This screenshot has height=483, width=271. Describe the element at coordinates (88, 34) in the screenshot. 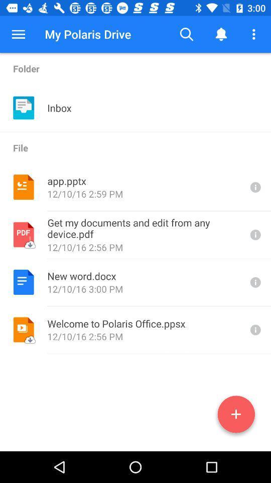

I see `my polaris drive button` at that location.